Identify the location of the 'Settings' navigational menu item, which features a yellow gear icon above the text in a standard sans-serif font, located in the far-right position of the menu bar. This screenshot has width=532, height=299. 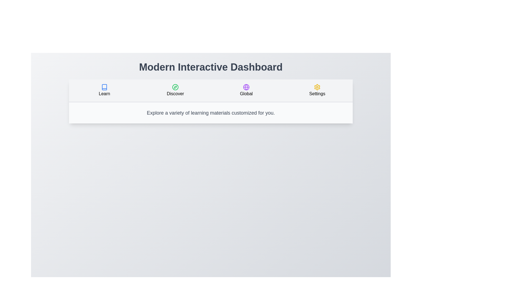
(317, 90).